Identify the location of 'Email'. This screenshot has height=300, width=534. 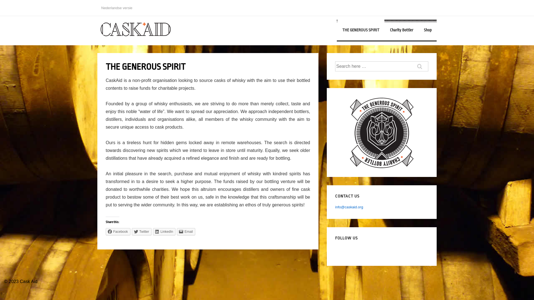
(186, 231).